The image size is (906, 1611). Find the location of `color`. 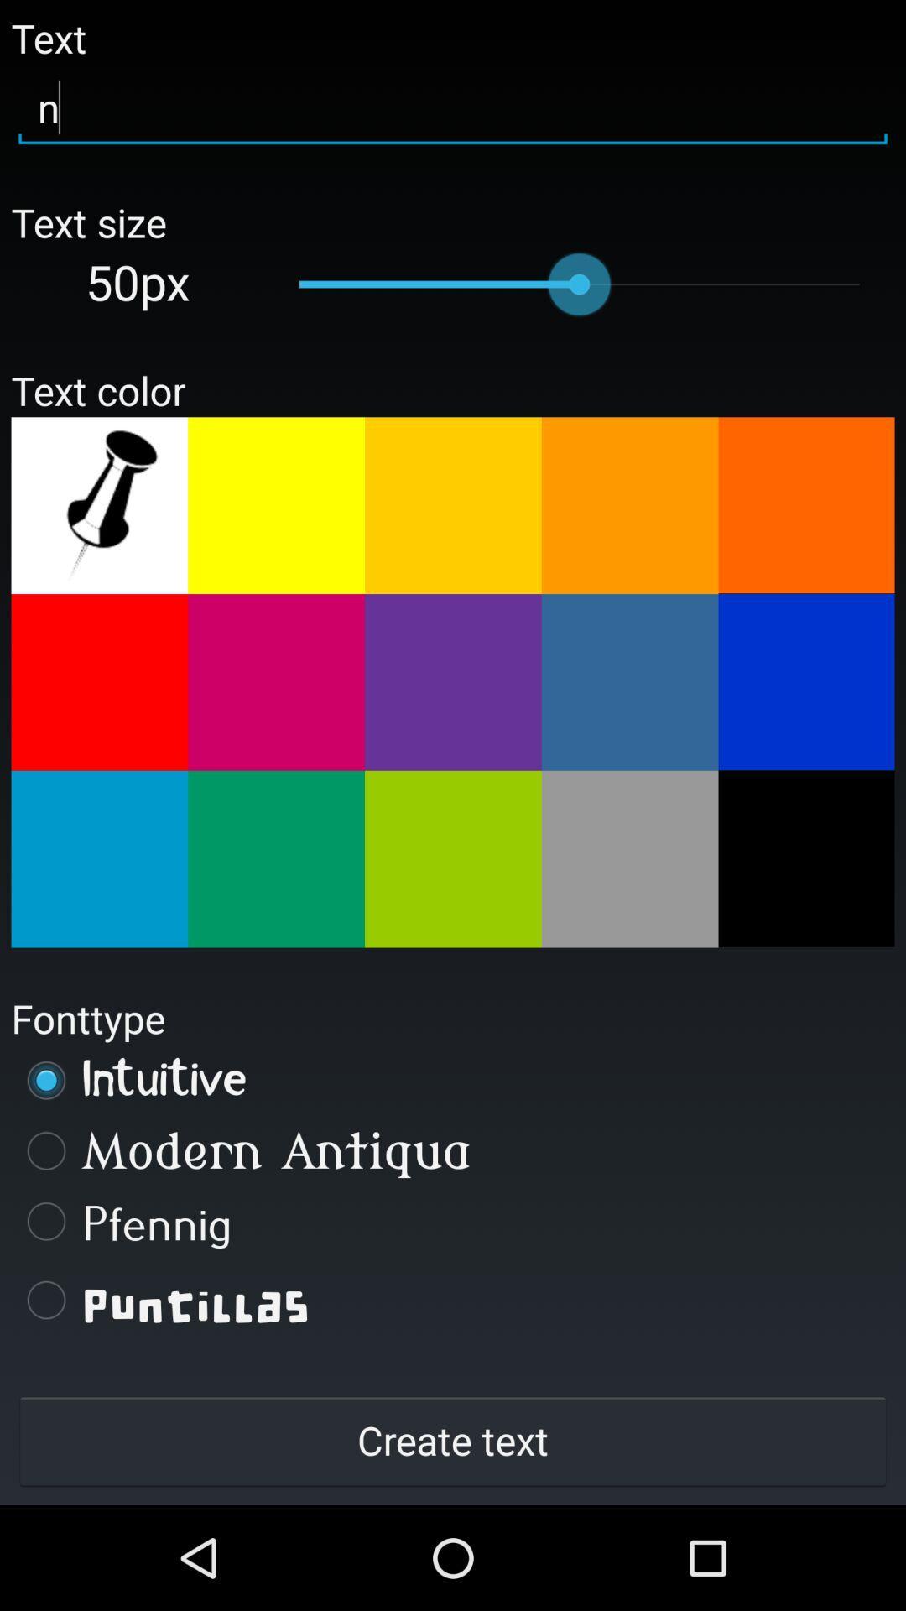

color is located at coordinates (453, 859).